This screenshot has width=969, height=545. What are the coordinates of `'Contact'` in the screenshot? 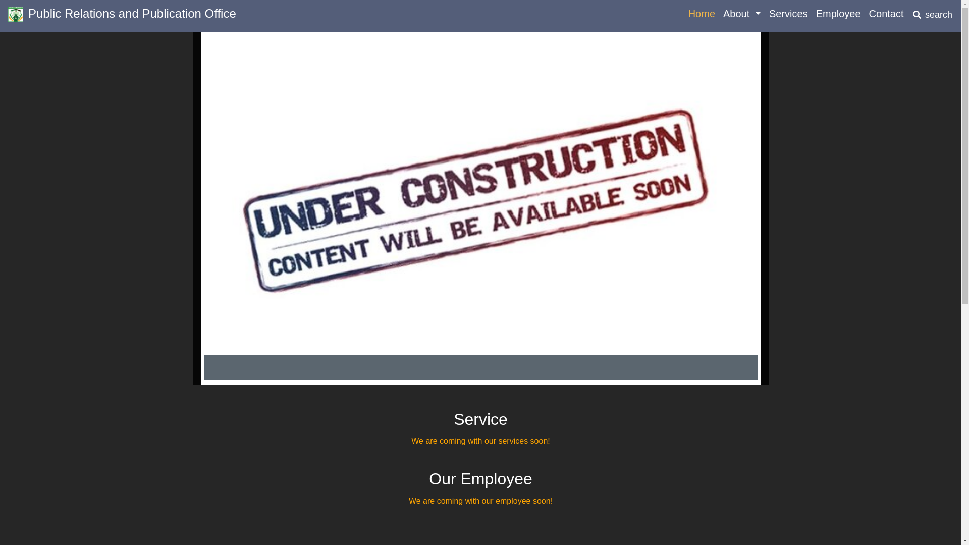 It's located at (864, 14).